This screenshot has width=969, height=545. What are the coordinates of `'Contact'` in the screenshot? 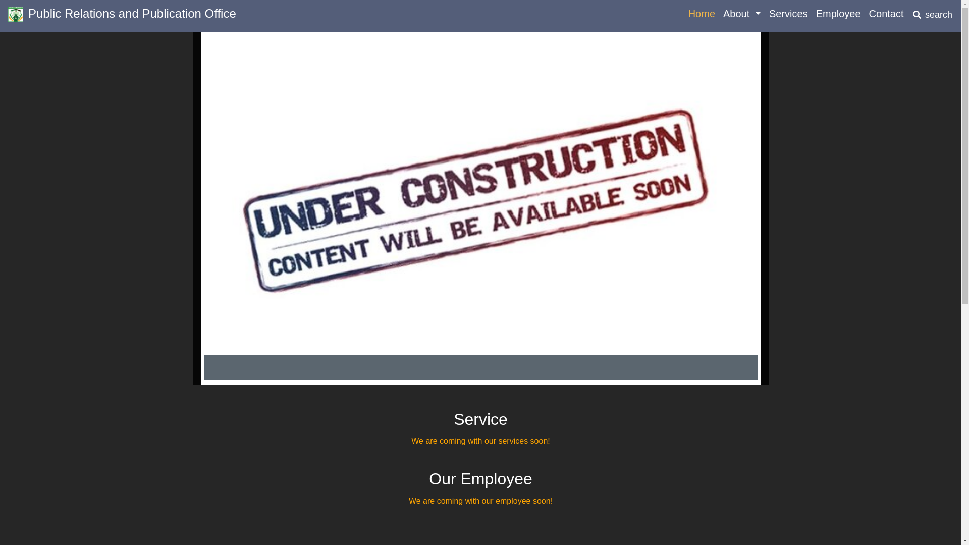 It's located at (864, 14).